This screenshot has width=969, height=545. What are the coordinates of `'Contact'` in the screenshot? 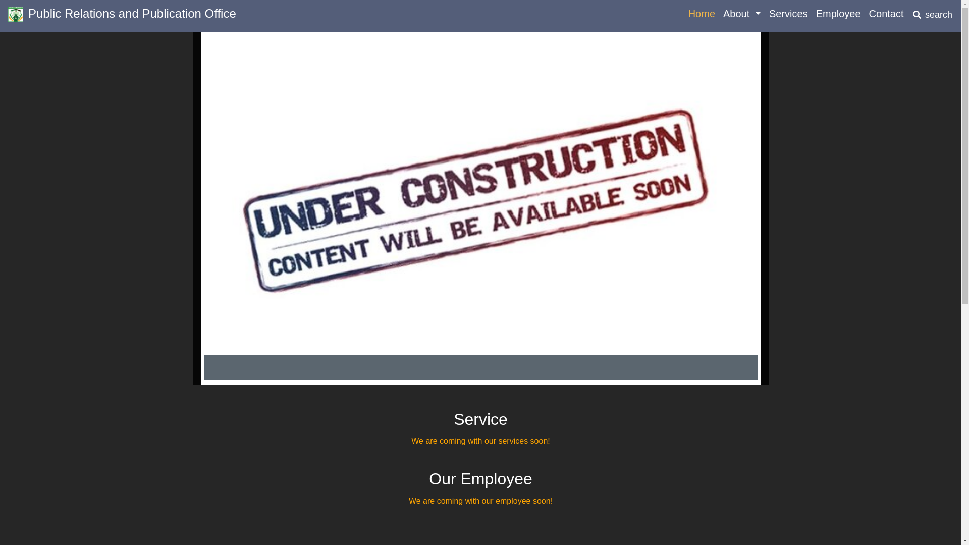 It's located at (864, 14).